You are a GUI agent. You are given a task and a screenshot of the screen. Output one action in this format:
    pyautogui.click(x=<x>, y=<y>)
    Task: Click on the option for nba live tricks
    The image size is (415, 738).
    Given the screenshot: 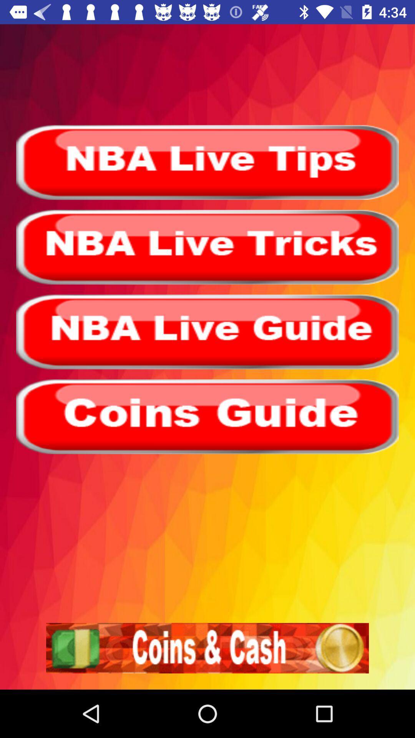 What is the action you would take?
    pyautogui.click(x=207, y=247)
    